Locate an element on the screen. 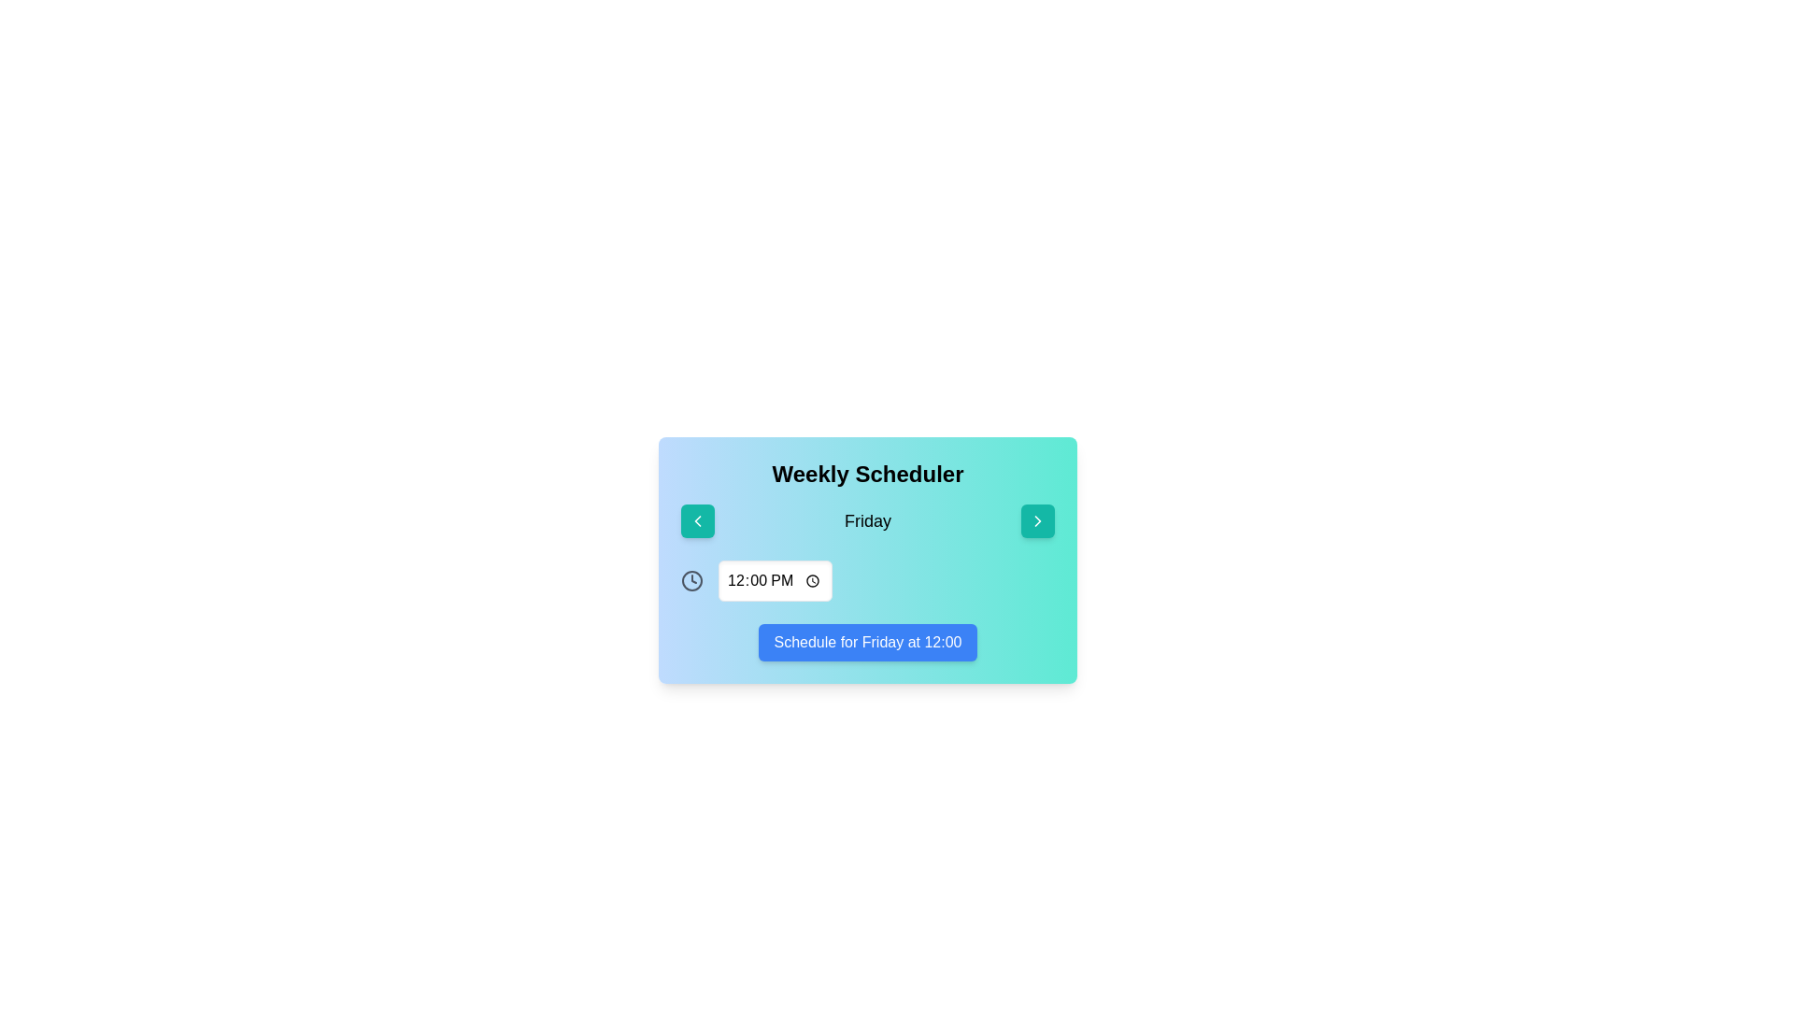 This screenshot has width=1794, height=1009. the rounded rectangular button with a blue background and white text reading 'Schedule for Friday at 12:00' to indicate interactivity is located at coordinates (866, 641).